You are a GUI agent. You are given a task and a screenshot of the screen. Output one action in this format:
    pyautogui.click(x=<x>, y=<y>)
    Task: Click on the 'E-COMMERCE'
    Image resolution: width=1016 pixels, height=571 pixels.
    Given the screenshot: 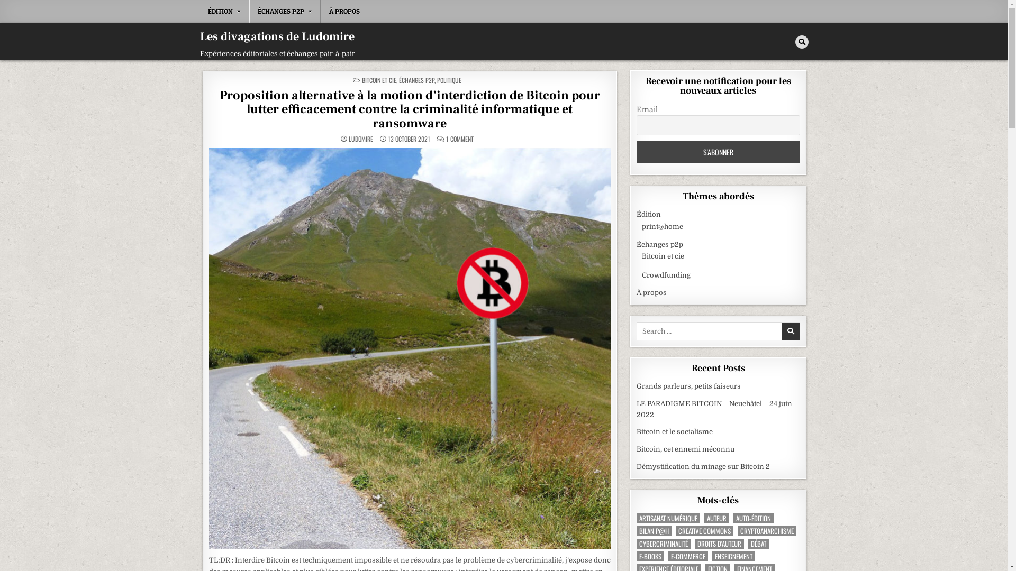 What is the action you would take?
    pyautogui.click(x=688, y=556)
    